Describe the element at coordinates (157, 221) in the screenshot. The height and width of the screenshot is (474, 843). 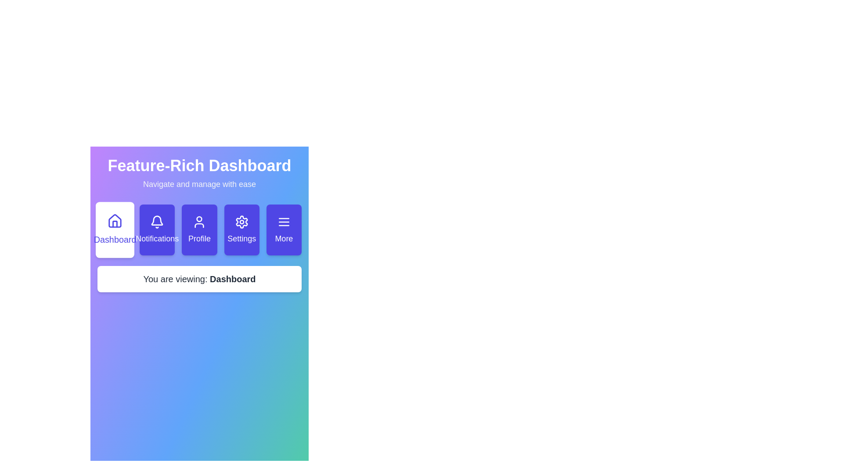
I see `the notifications button, which is the second button in the navigation row` at that location.